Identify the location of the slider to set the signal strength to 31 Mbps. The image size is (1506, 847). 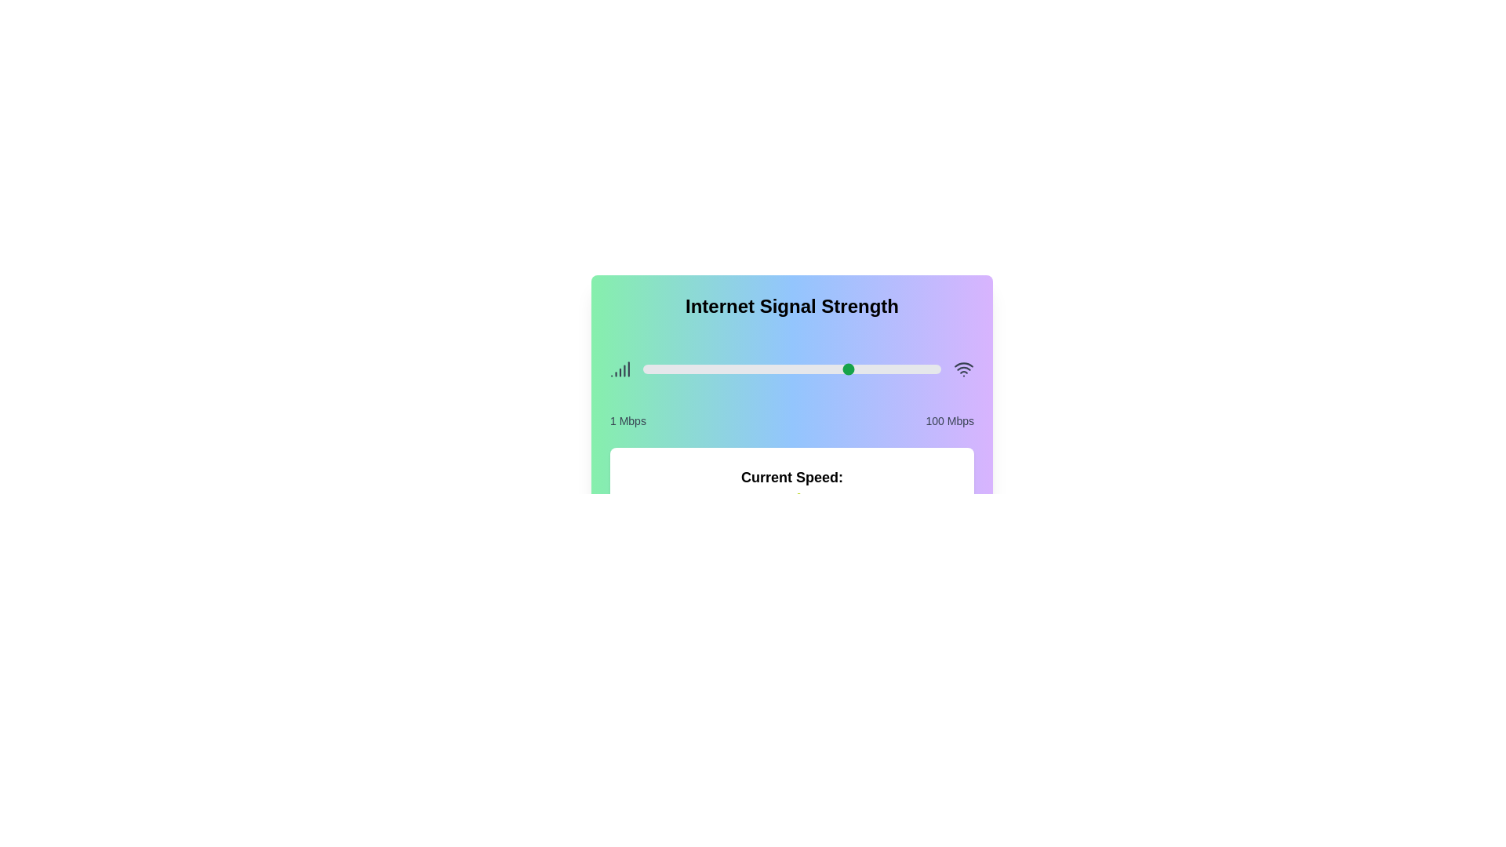
(733, 369).